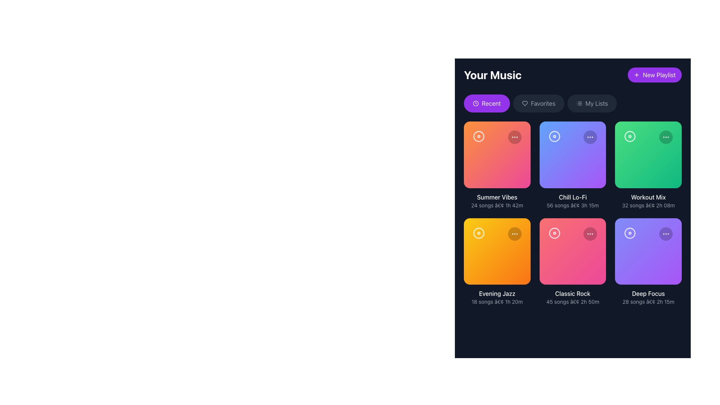  Describe the element at coordinates (590, 137) in the screenshot. I see `the ellipsis icon, which consists of three horizontally arranged white dots on a black circular background` at that location.